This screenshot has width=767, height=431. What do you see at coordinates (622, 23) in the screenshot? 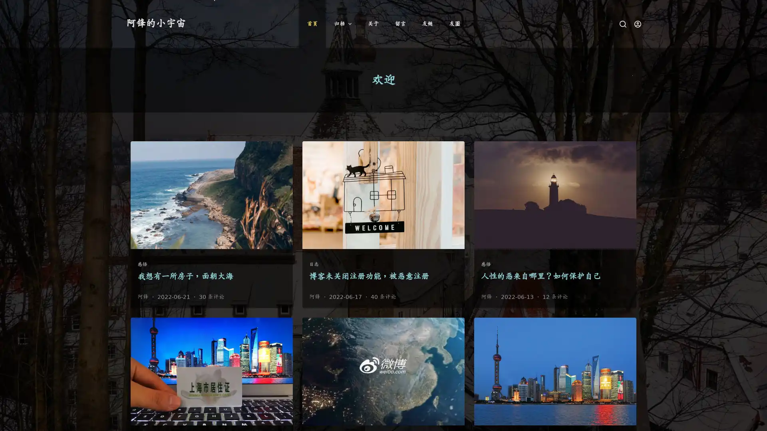
I see `Open search form` at bounding box center [622, 23].